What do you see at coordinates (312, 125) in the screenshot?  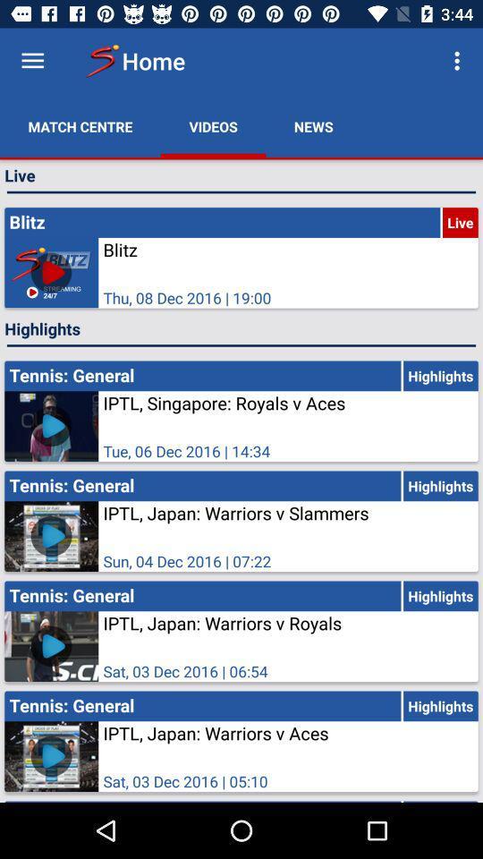 I see `news item` at bounding box center [312, 125].